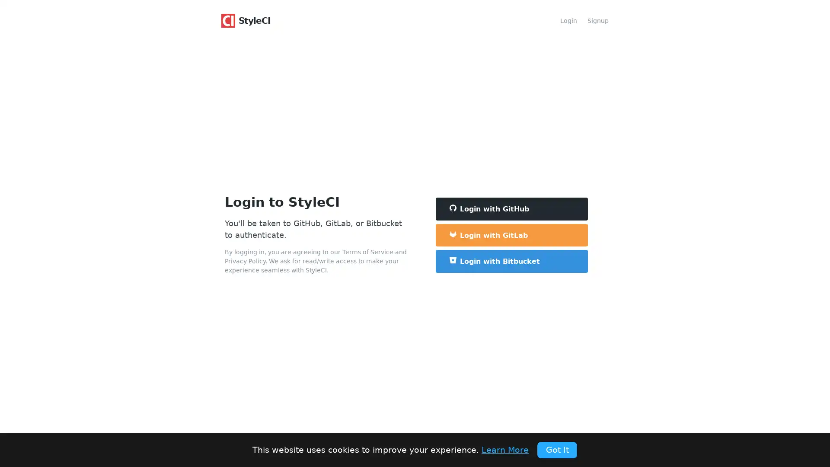 This screenshot has width=830, height=467. Describe the element at coordinates (557, 449) in the screenshot. I see `Got It` at that location.